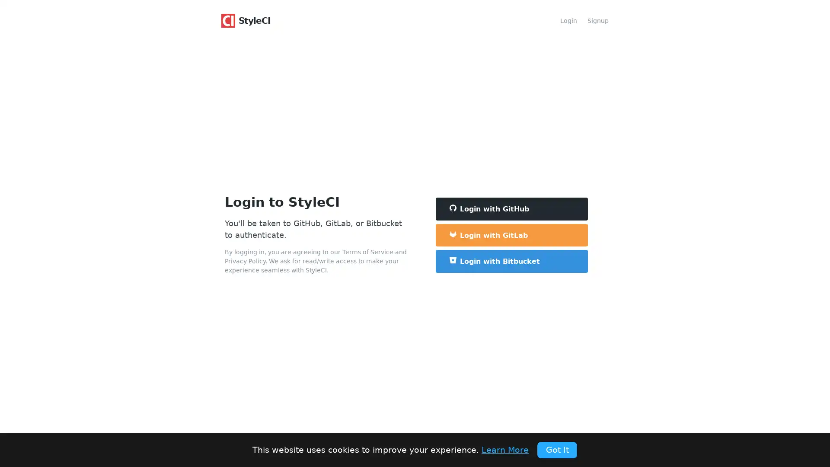 This screenshot has width=830, height=467. Describe the element at coordinates (557, 449) in the screenshot. I see `Got It` at that location.